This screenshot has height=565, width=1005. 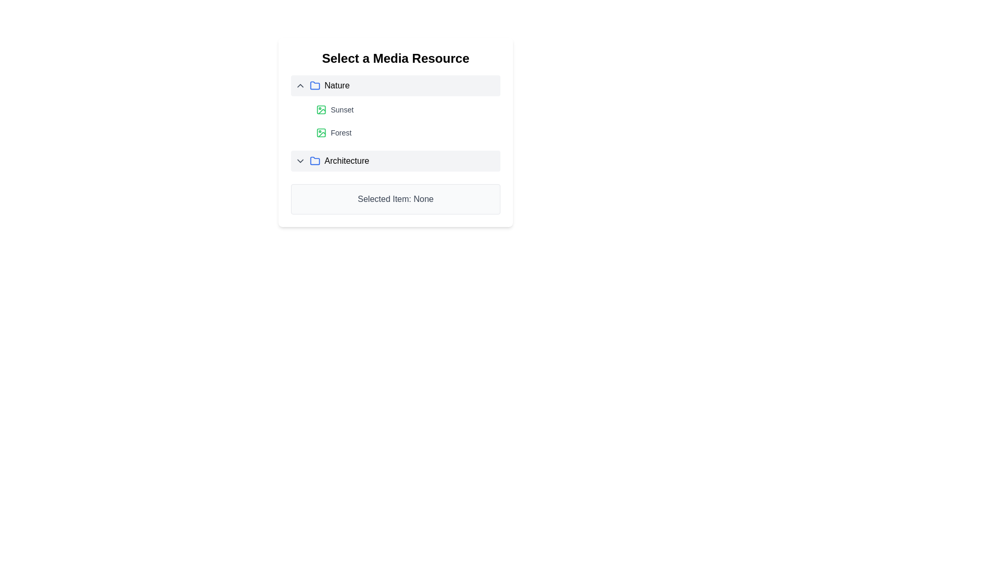 I want to click on the green rectangular icon with rounded corners that represents an image, located to the left of the text label 'Forest' in the media resource selector panel, so click(x=321, y=109).